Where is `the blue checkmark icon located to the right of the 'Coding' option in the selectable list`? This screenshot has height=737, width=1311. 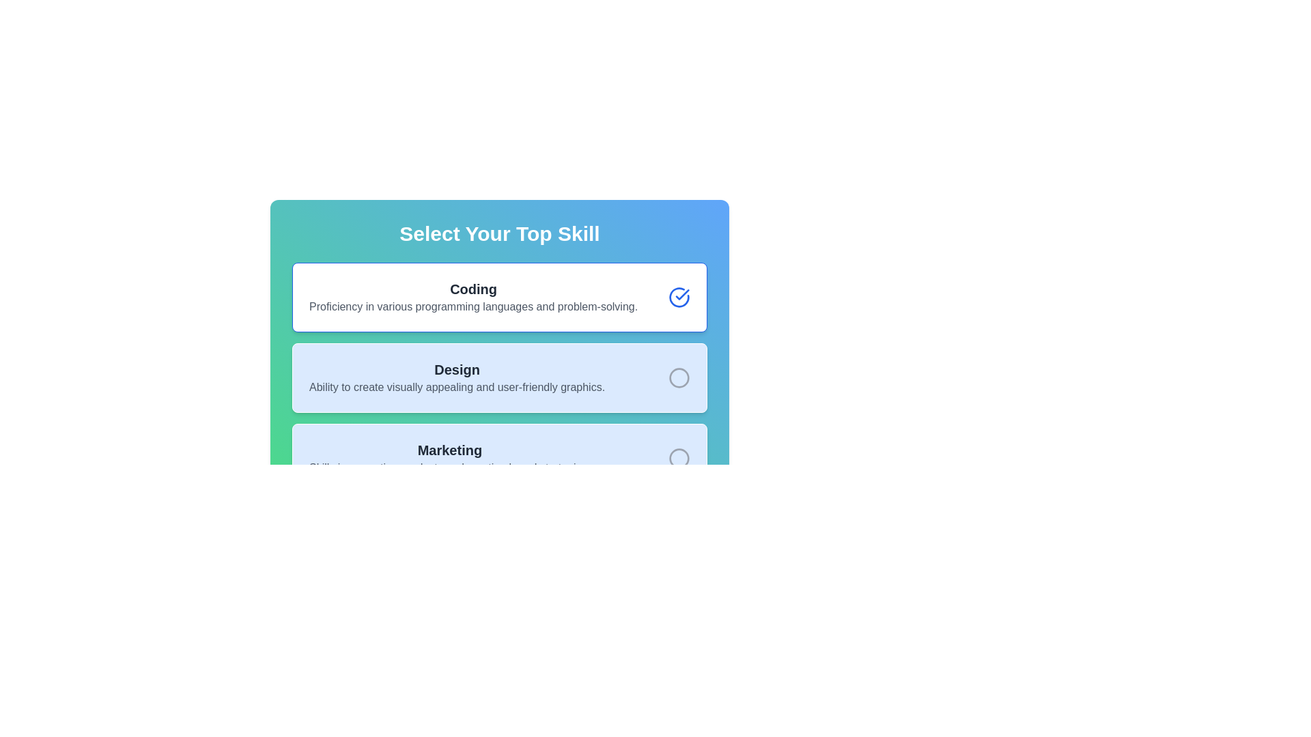 the blue checkmark icon located to the right of the 'Coding' option in the selectable list is located at coordinates (682, 294).